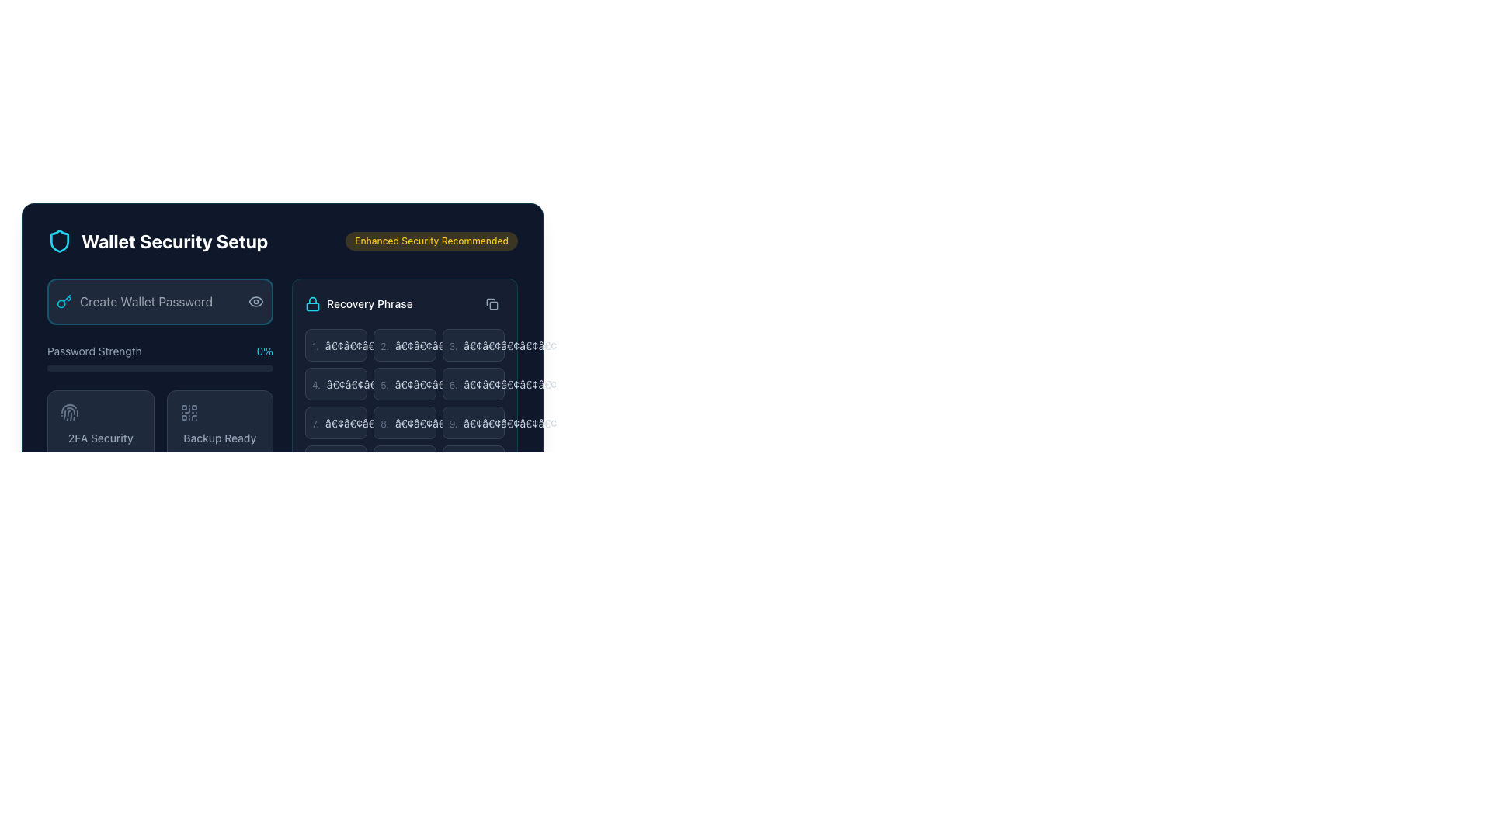  I want to click on the button indicating the tenth word of the recovery passphrase in the Recovery Phrase section, located at the bottom-left corner of a 3-column layout, so click(335, 460).